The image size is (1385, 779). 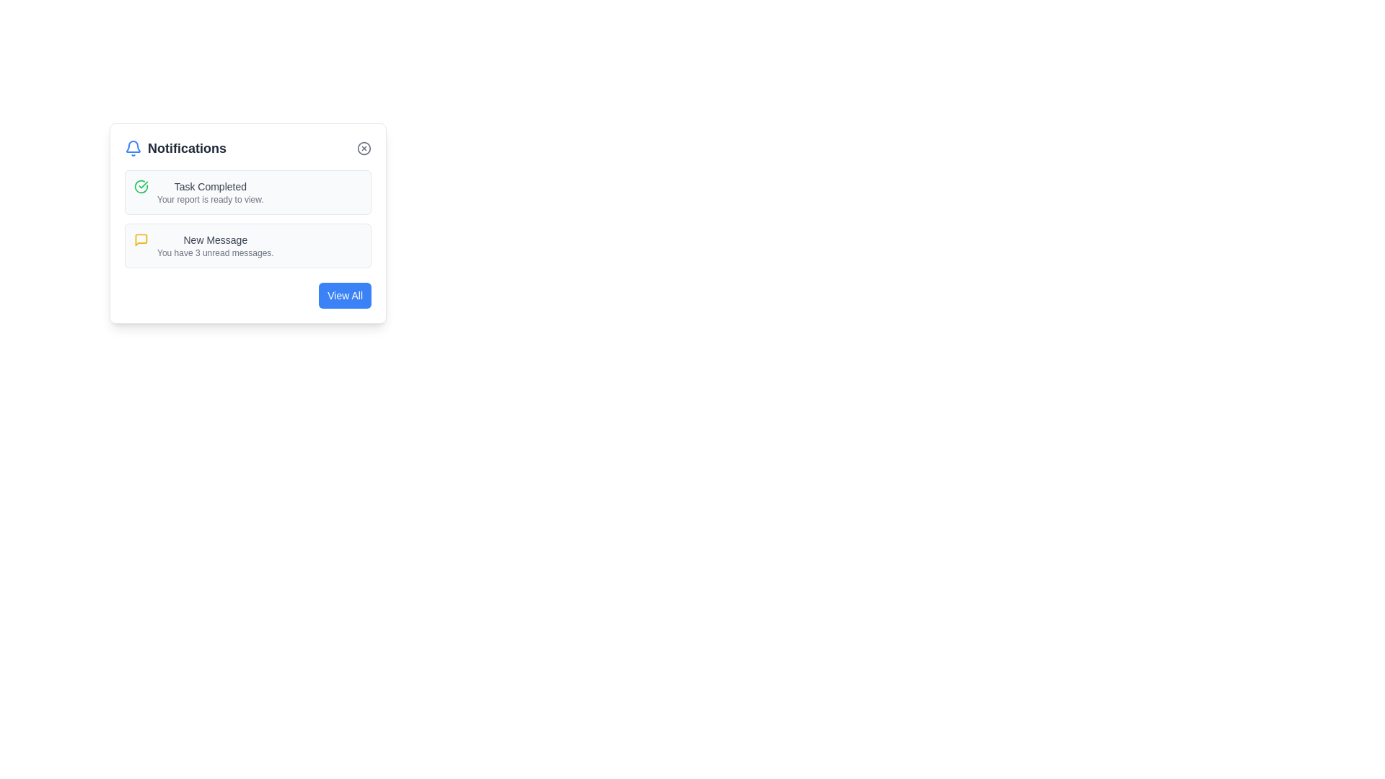 What do you see at coordinates (344, 294) in the screenshot?
I see `the button located at the bottom-right corner of the notification card` at bounding box center [344, 294].